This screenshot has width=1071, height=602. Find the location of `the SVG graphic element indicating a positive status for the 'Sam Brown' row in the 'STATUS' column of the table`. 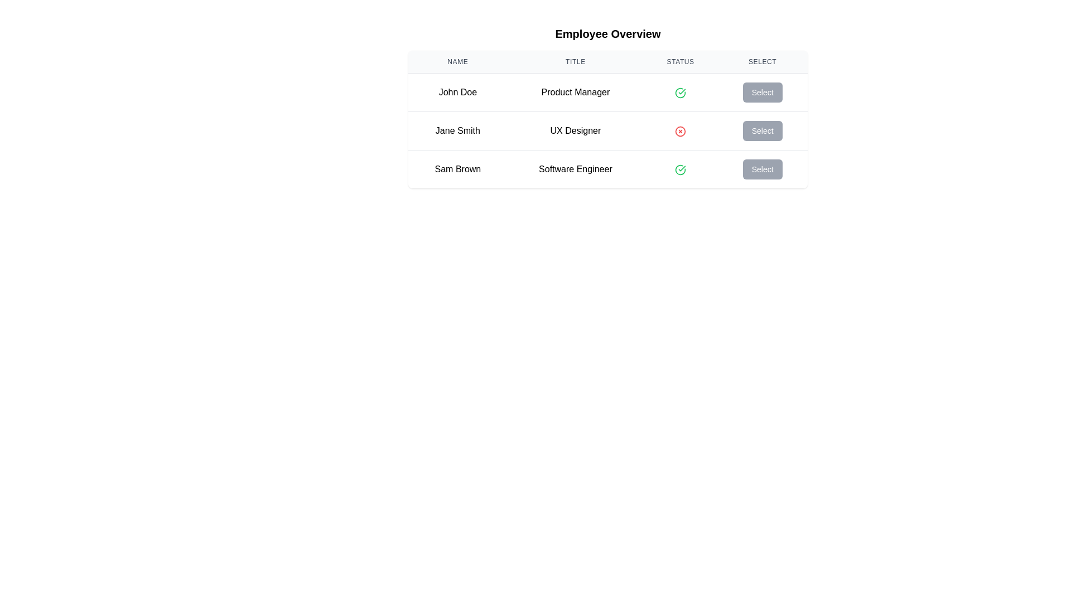

the SVG graphic element indicating a positive status for the 'Sam Brown' row in the 'STATUS' column of the table is located at coordinates (680, 92).